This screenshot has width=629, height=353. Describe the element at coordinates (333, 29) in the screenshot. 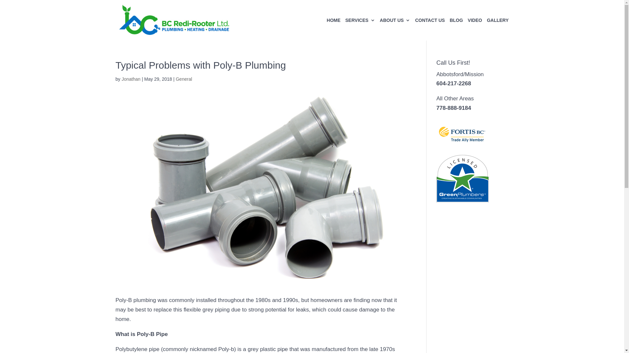

I see `'HOME'` at that location.